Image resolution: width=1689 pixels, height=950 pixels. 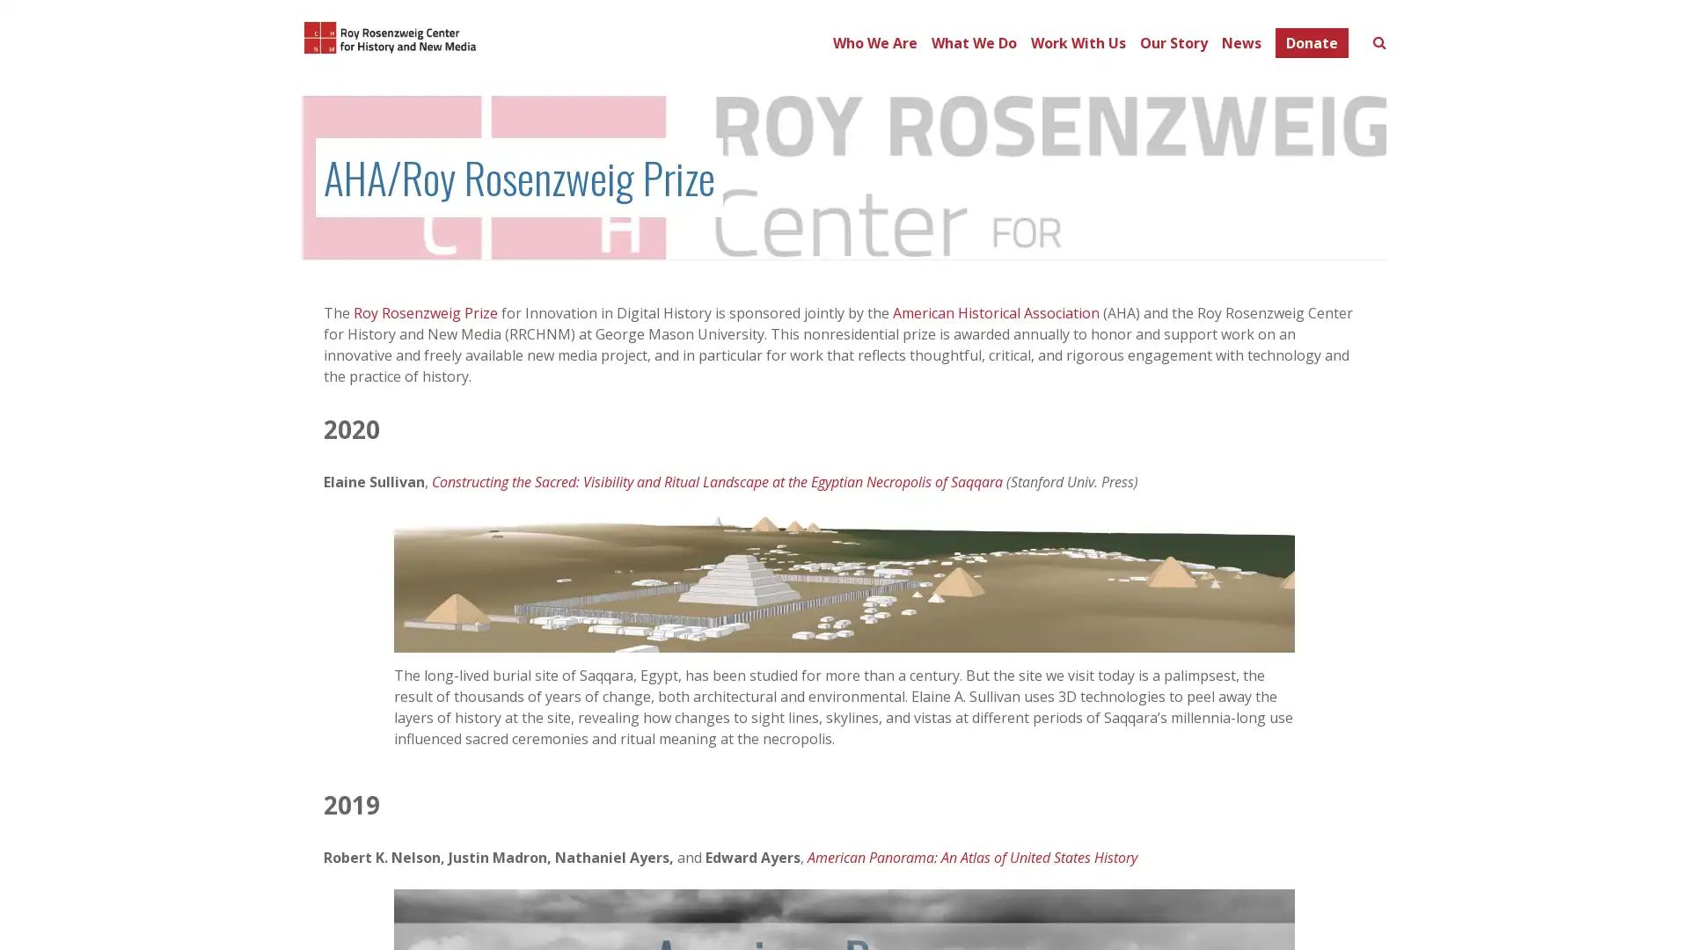 What do you see at coordinates (1378, 41) in the screenshot?
I see `Toggle search form` at bounding box center [1378, 41].